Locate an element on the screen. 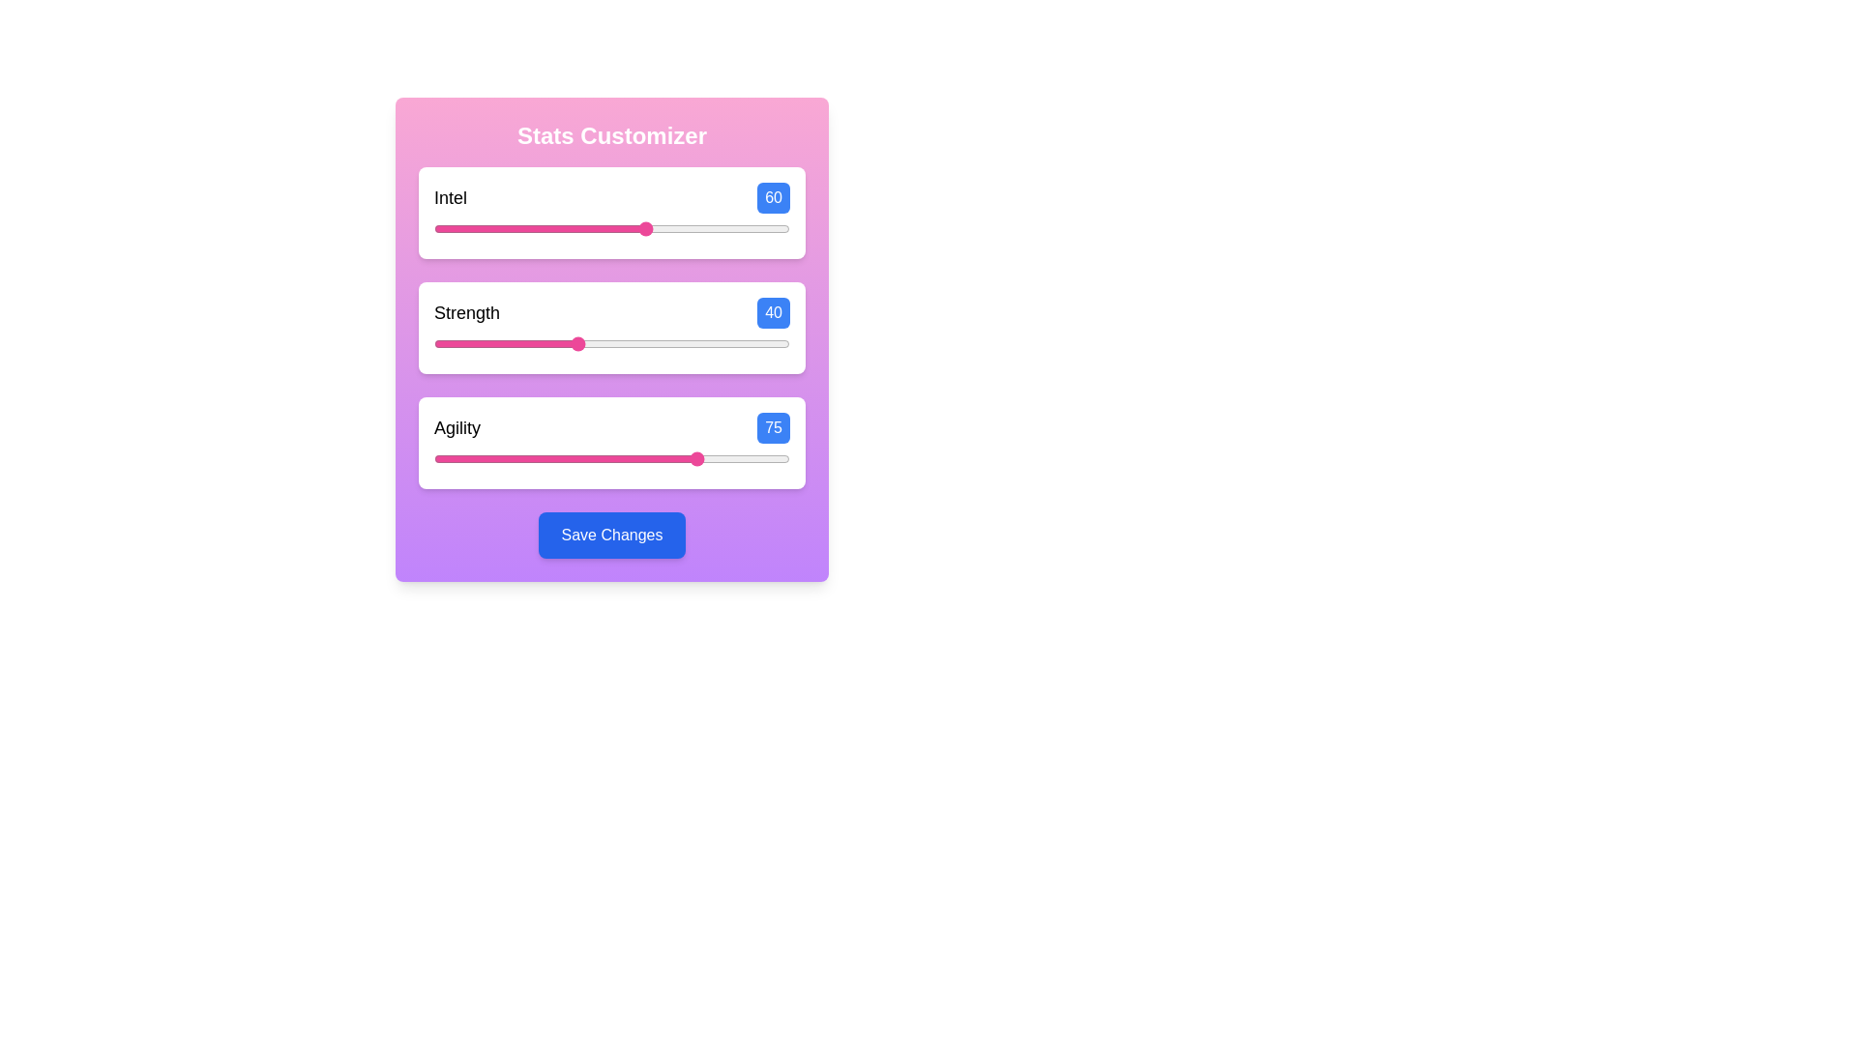 This screenshot has width=1857, height=1044. the 'Agility' text label which is positioned to the left of the numerical badge ('75') and the slider within the 'Stats Customizer' interface is located at coordinates (457, 427).